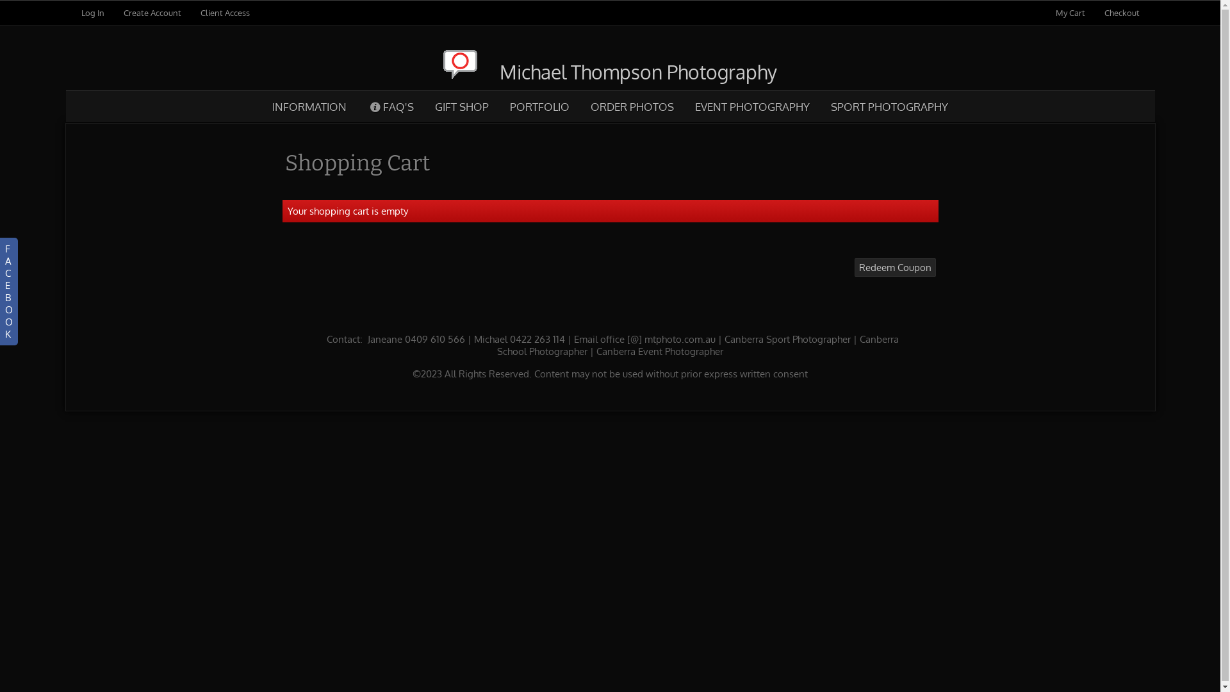 The image size is (1230, 692). Describe the element at coordinates (357, 106) in the screenshot. I see `'FAQ'S'` at that location.